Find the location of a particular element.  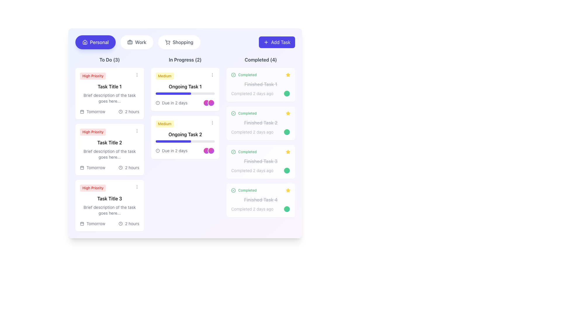

the 'High Priority' label with red text in the upper-left section of the task card titled 'Task Title 1' in the 'To Do' column is located at coordinates (110, 76).